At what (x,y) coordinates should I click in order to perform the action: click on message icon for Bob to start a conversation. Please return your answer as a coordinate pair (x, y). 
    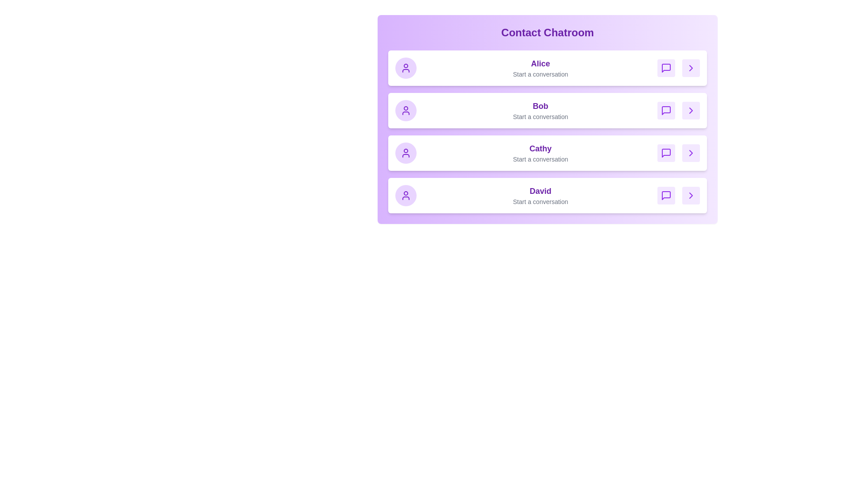
    Looking at the image, I should click on (666, 110).